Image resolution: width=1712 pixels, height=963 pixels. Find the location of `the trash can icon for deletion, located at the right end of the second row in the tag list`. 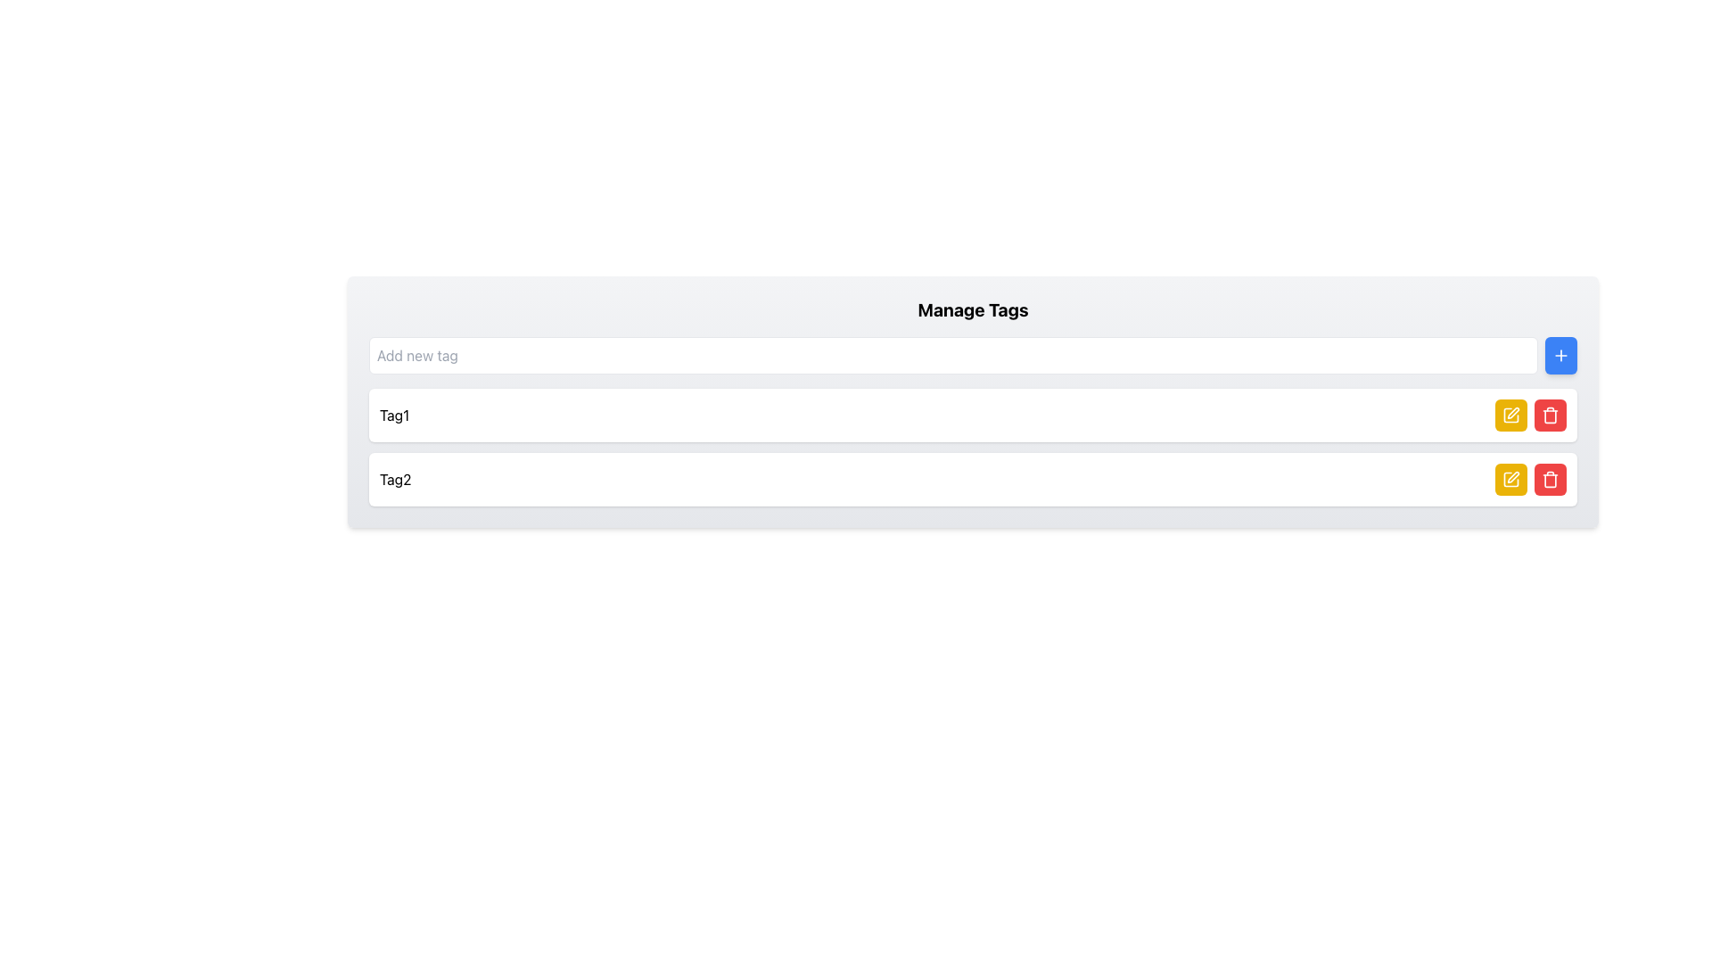

the trash can icon for deletion, located at the right end of the second row in the tag list is located at coordinates (1549, 478).